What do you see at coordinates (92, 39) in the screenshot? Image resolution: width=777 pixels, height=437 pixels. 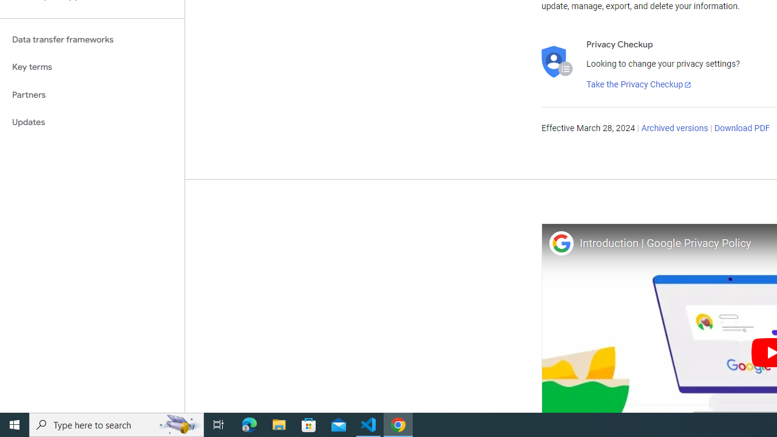 I see `'Data transfer frameworks'` at bounding box center [92, 39].